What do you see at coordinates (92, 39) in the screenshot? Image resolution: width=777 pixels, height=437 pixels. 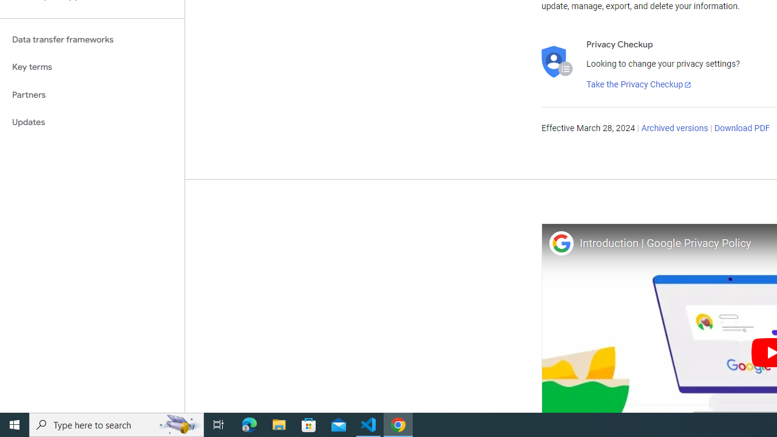 I see `'Data transfer frameworks'` at bounding box center [92, 39].